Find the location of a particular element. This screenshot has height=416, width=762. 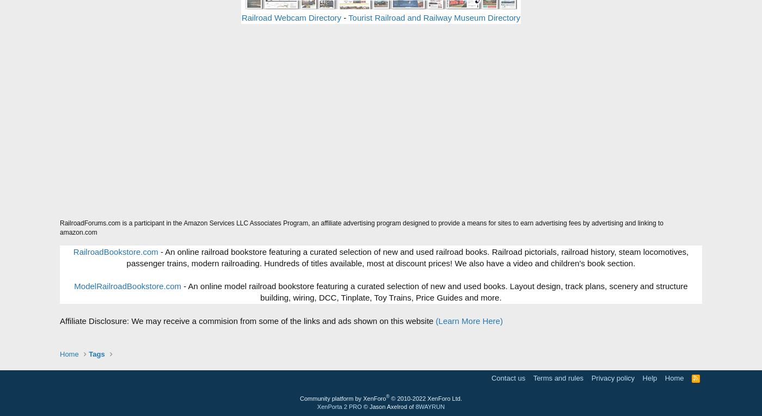

'© 2010-2022 XenForo Ltd.' is located at coordinates (426, 397).